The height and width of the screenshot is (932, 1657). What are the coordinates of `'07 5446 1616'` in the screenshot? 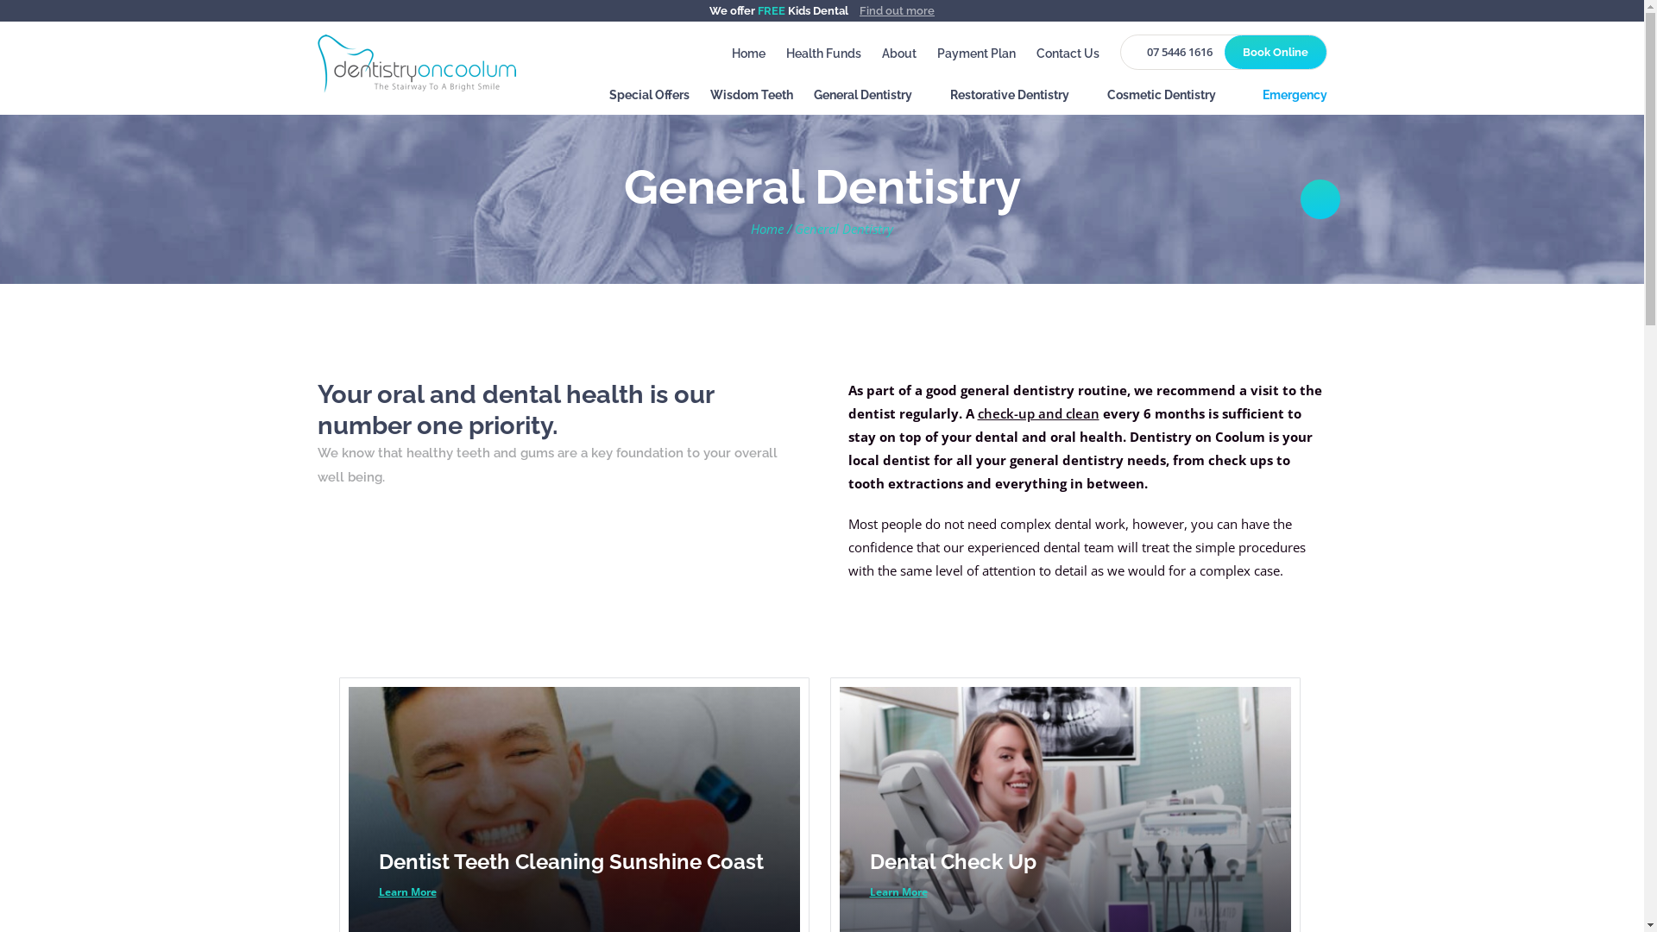 It's located at (1174, 51).